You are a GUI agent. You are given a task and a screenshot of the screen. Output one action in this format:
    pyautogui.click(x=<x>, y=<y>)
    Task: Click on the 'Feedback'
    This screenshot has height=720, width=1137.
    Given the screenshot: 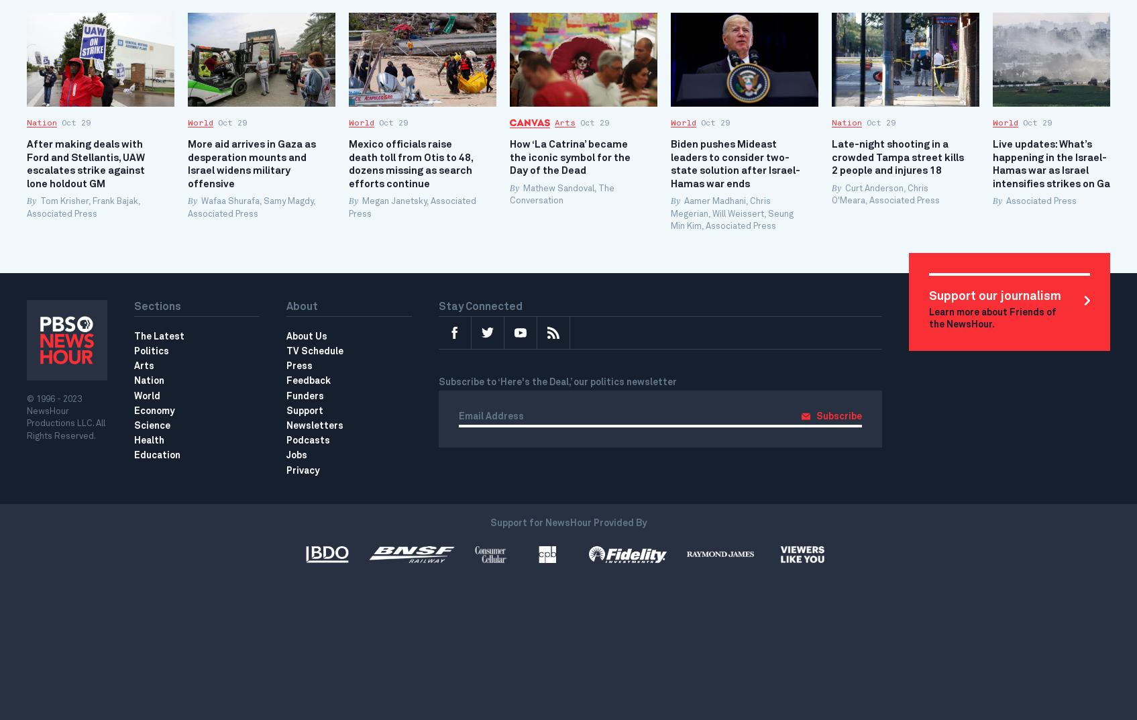 What is the action you would take?
    pyautogui.click(x=307, y=381)
    